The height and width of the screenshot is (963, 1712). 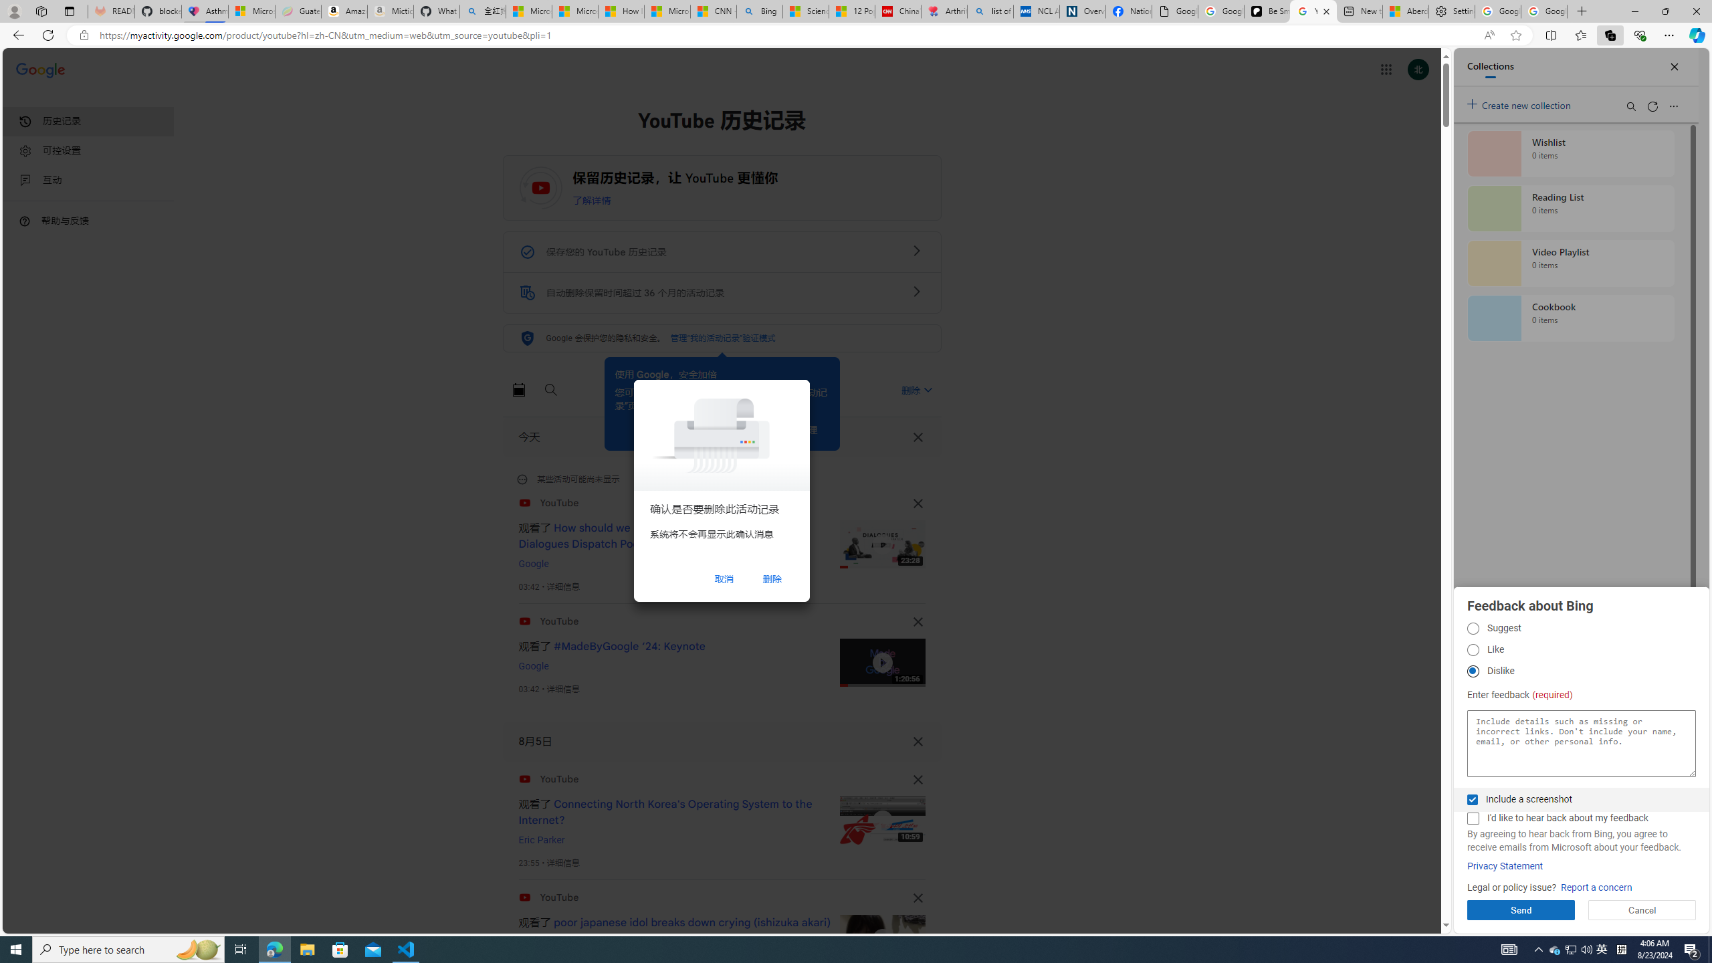 What do you see at coordinates (621, 11) in the screenshot?
I see `'How I Got Rid of Microsoft Edge'` at bounding box center [621, 11].